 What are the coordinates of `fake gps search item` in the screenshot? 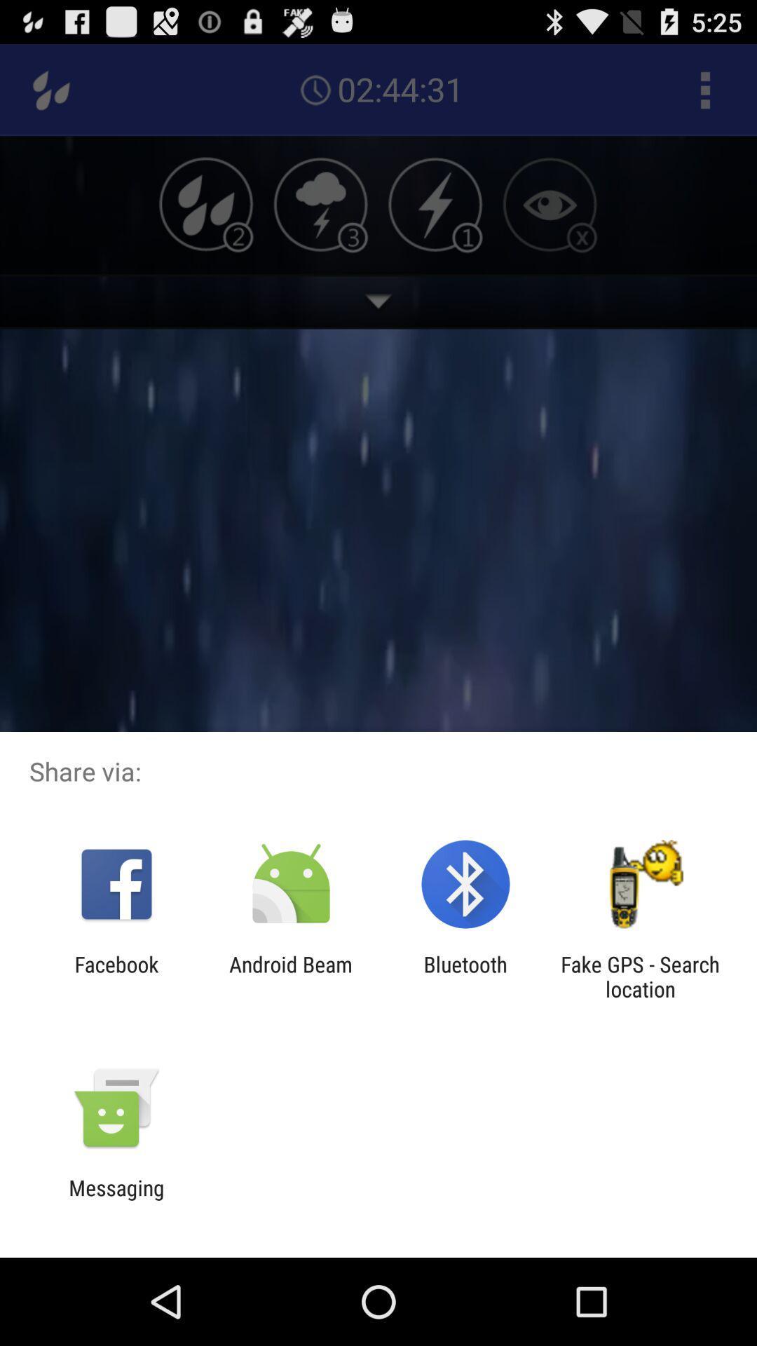 It's located at (640, 976).